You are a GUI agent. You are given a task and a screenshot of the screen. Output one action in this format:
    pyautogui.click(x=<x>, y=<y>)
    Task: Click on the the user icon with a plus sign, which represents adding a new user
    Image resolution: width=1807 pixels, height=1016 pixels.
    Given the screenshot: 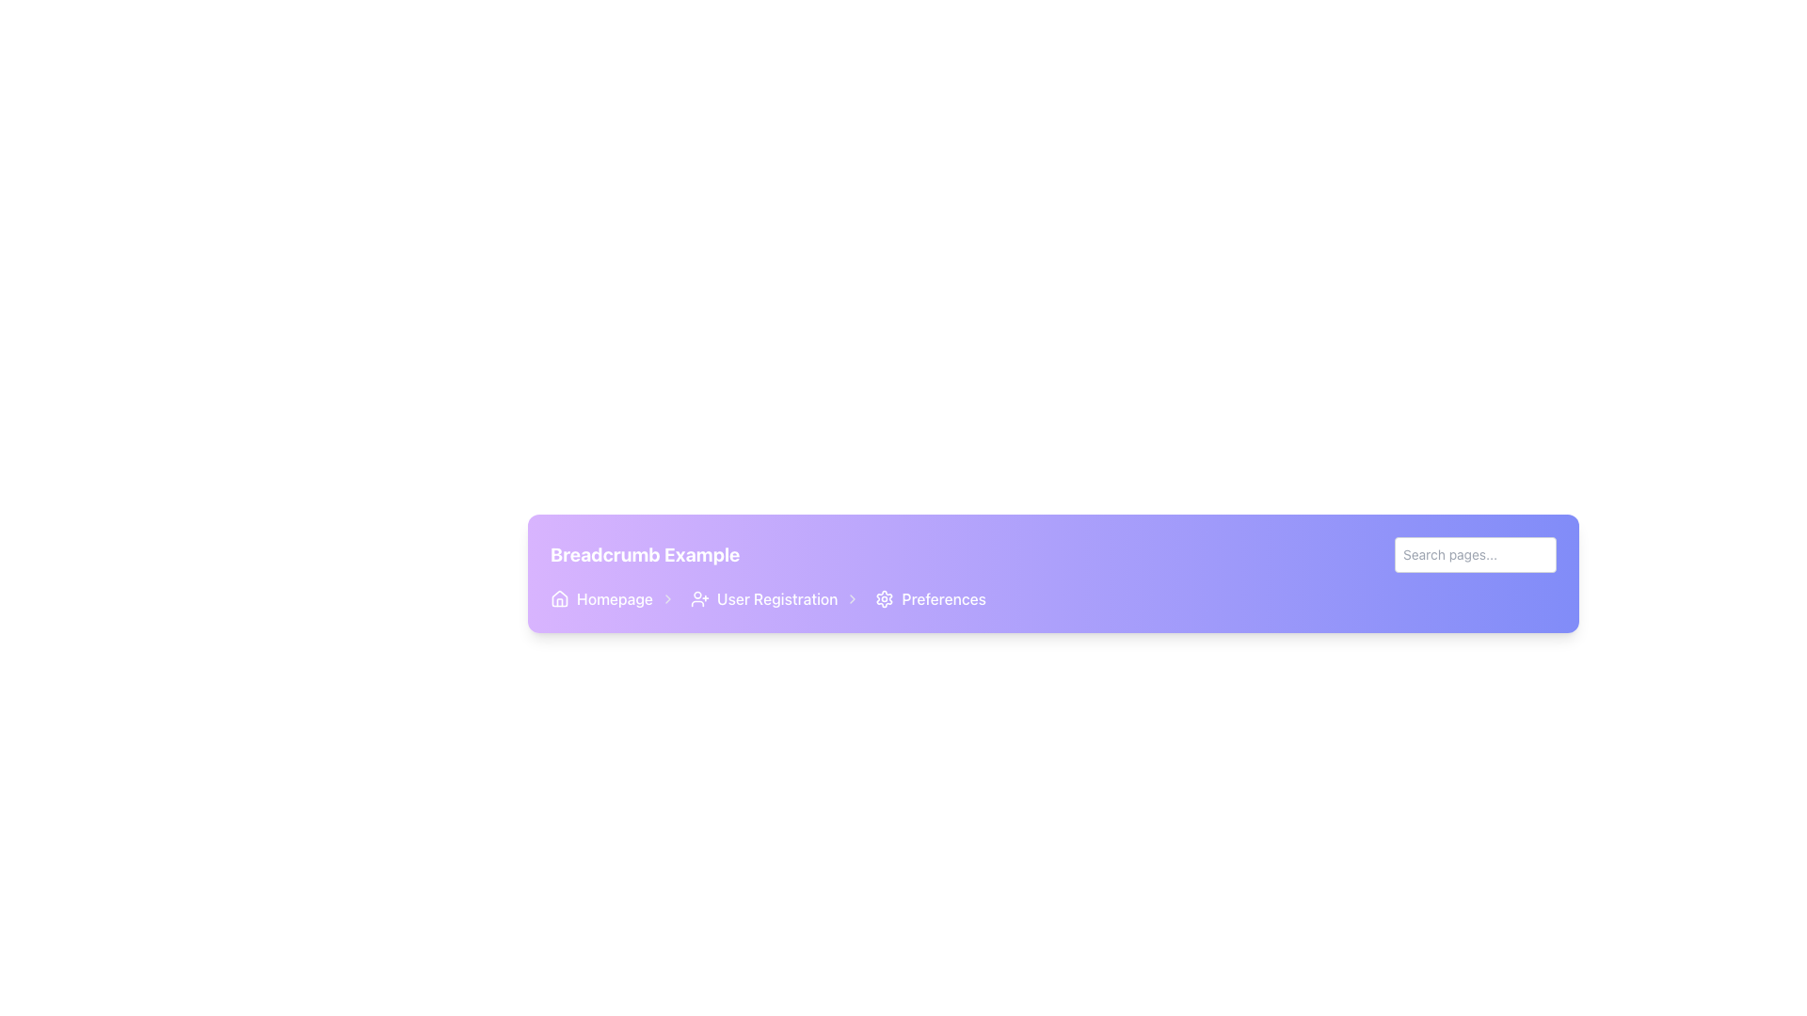 What is the action you would take?
    pyautogui.click(x=699, y=598)
    